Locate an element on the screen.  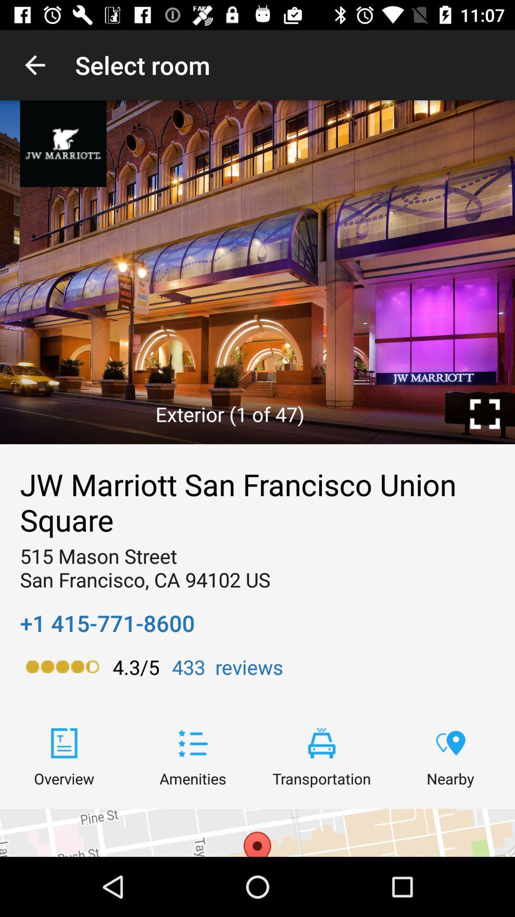
the icon to the right of the exterior 1 of icon is located at coordinates (485, 414).